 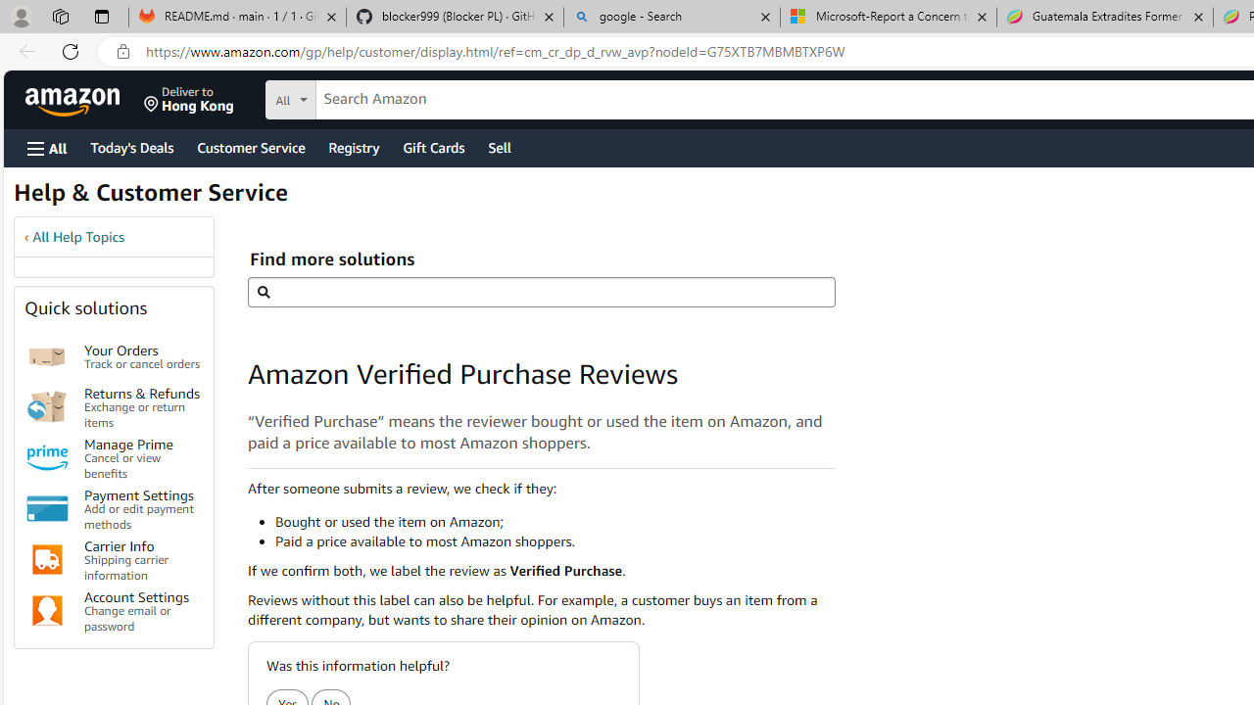 What do you see at coordinates (141, 559) in the screenshot?
I see `'Carrier Info Shipping carrier information'` at bounding box center [141, 559].